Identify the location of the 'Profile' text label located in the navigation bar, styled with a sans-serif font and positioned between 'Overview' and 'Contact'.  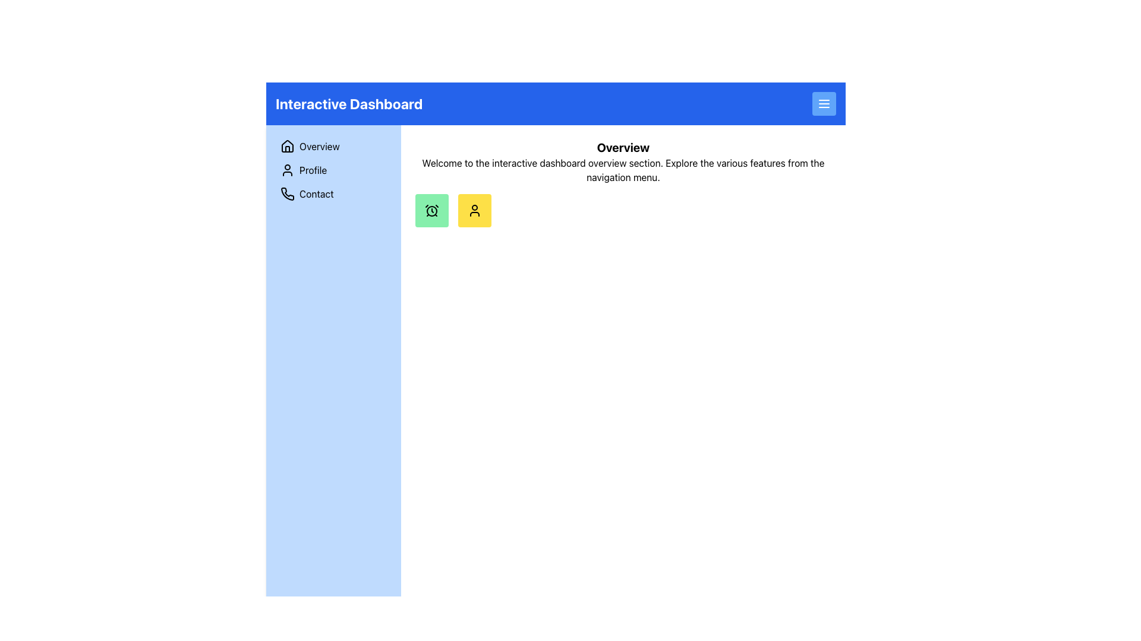
(313, 170).